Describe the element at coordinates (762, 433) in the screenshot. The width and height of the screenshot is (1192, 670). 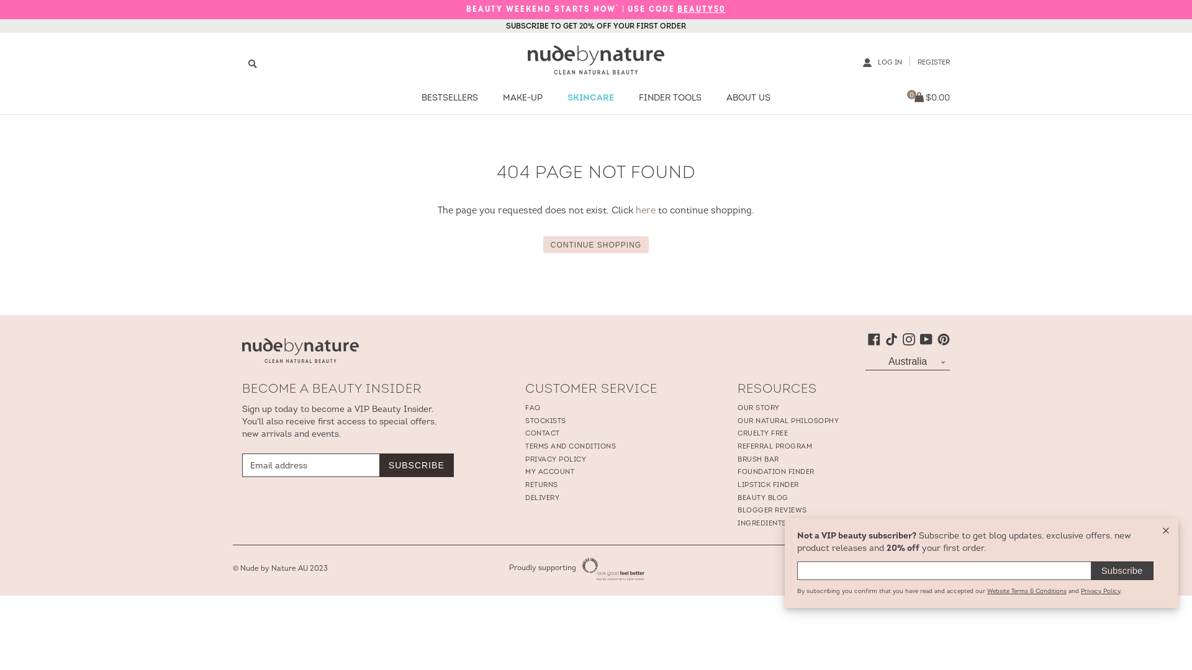
I see `'CRUELTY FREE'` at that location.